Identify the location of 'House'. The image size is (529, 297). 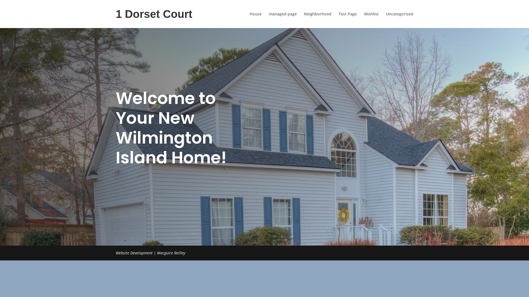
(255, 20).